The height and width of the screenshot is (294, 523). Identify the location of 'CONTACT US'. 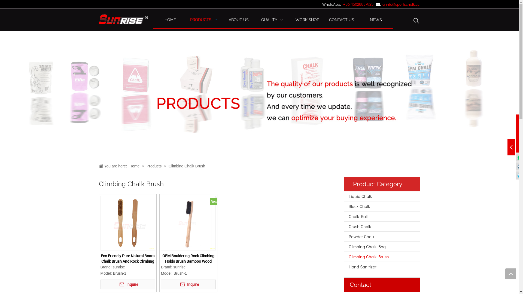
(341, 20).